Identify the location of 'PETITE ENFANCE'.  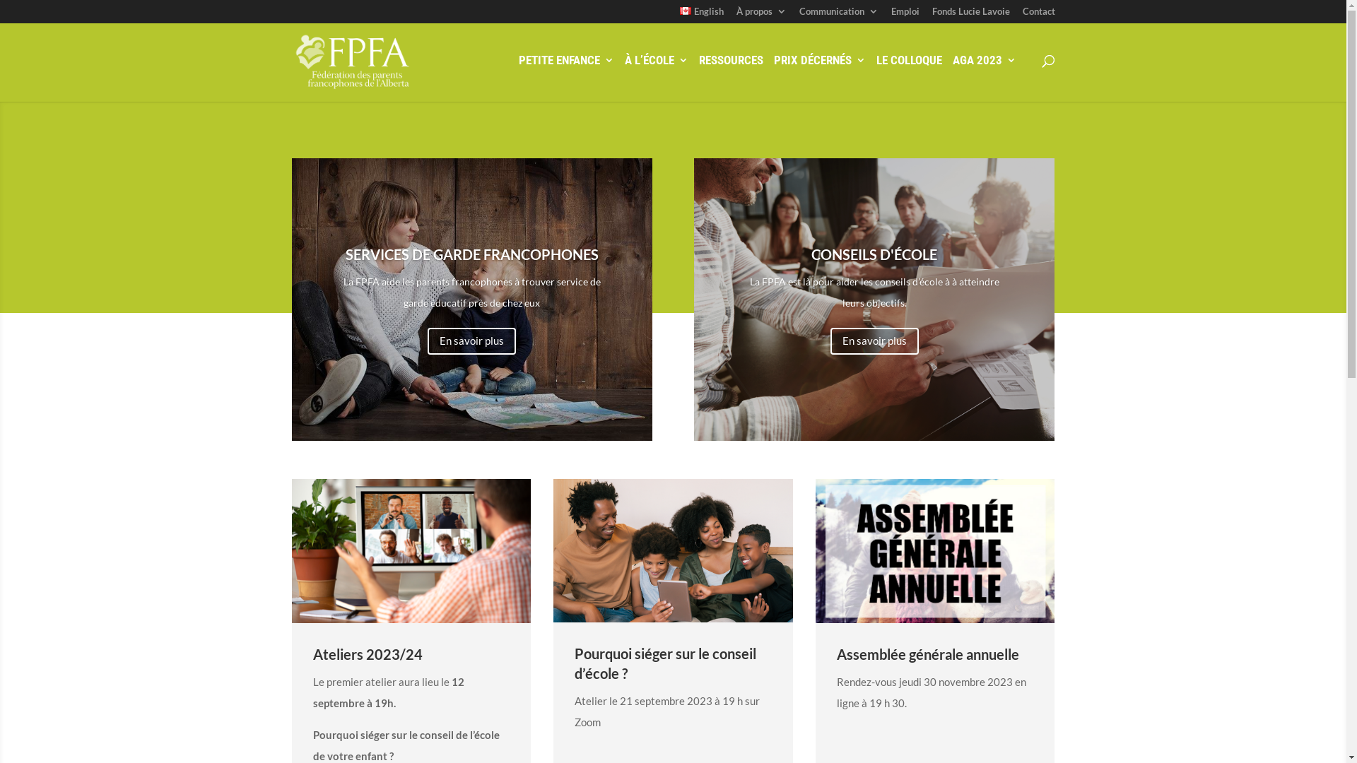
(566, 76).